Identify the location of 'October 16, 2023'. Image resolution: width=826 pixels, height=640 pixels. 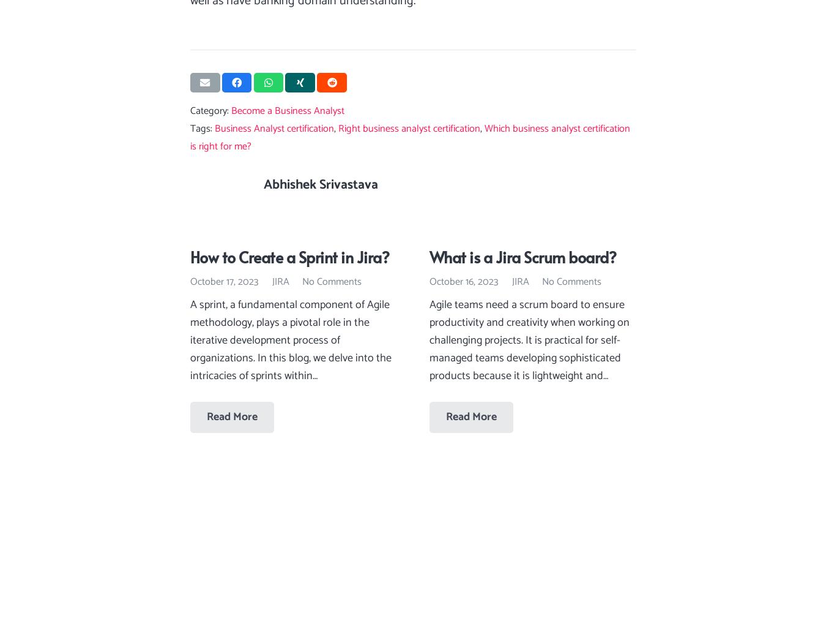
(463, 282).